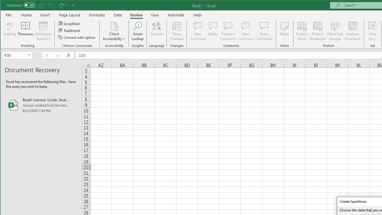 Image resolution: width=382 pixels, height=215 pixels. Describe the element at coordinates (157, 31) in the screenshot. I see `'Translate'` at that location.